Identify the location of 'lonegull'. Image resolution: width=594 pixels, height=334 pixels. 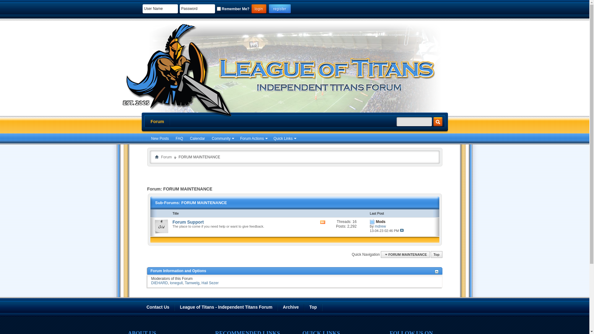
(176, 283).